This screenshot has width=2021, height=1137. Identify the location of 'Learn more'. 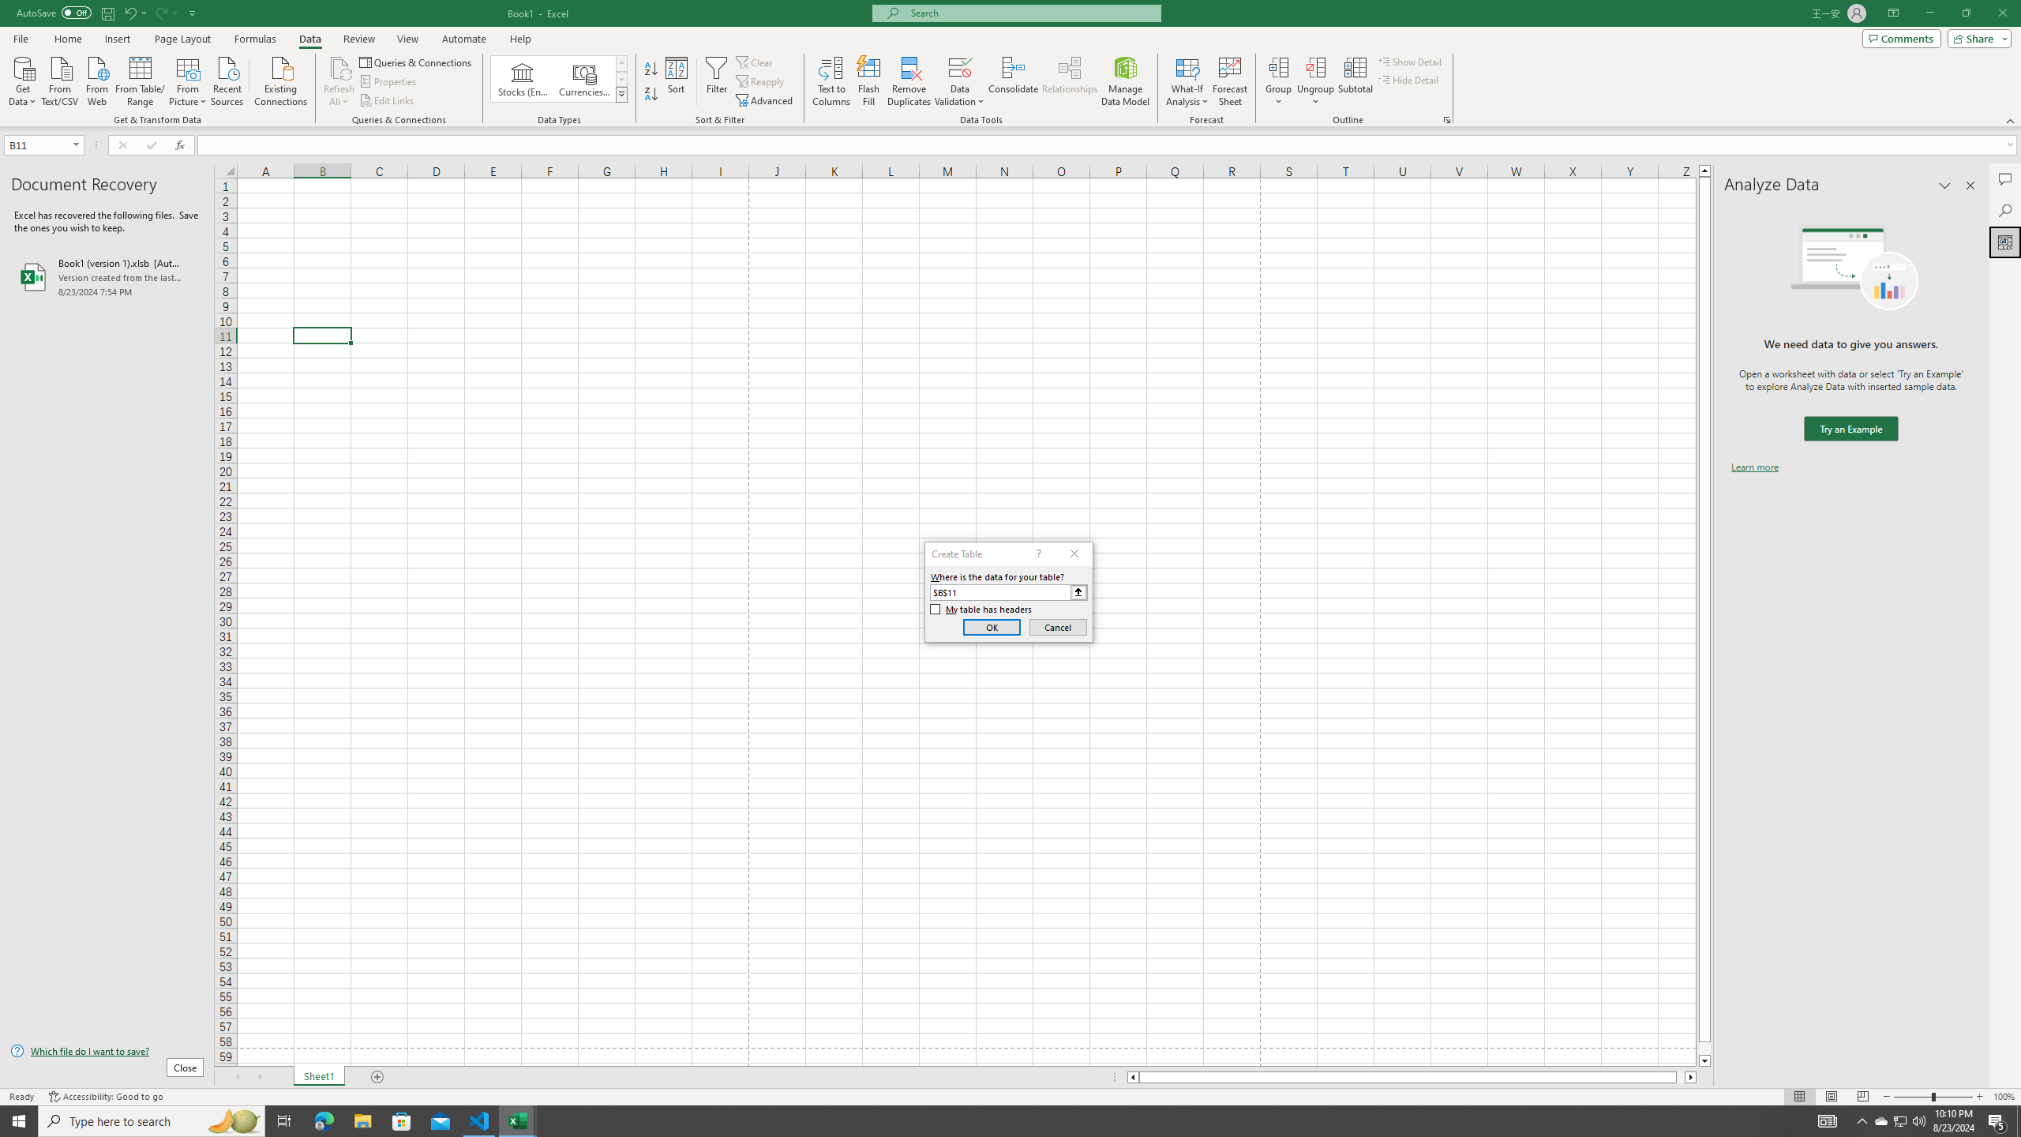
(1754, 466).